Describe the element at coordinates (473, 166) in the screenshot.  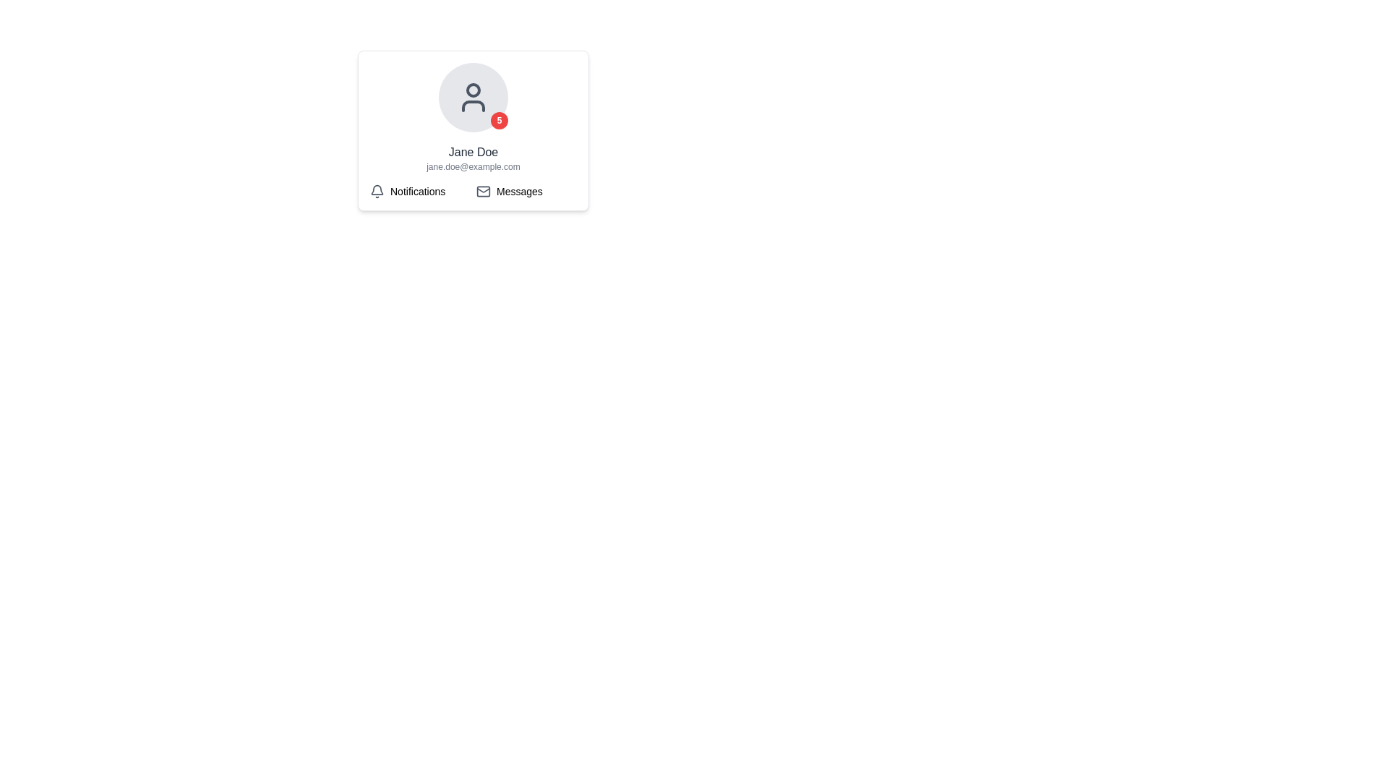
I see `the email text field displaying 'jane.doe@example.com', which is part of the profile section, positioned below the 'Jane Doe' label` at that location.